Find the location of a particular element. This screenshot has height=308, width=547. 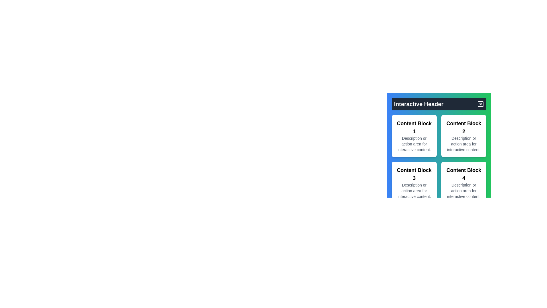

the prominent text header labeled 'Content Block 3' which is located at the top of the third card in a grid layout, centered within its card is located at coordinates (414, 174).